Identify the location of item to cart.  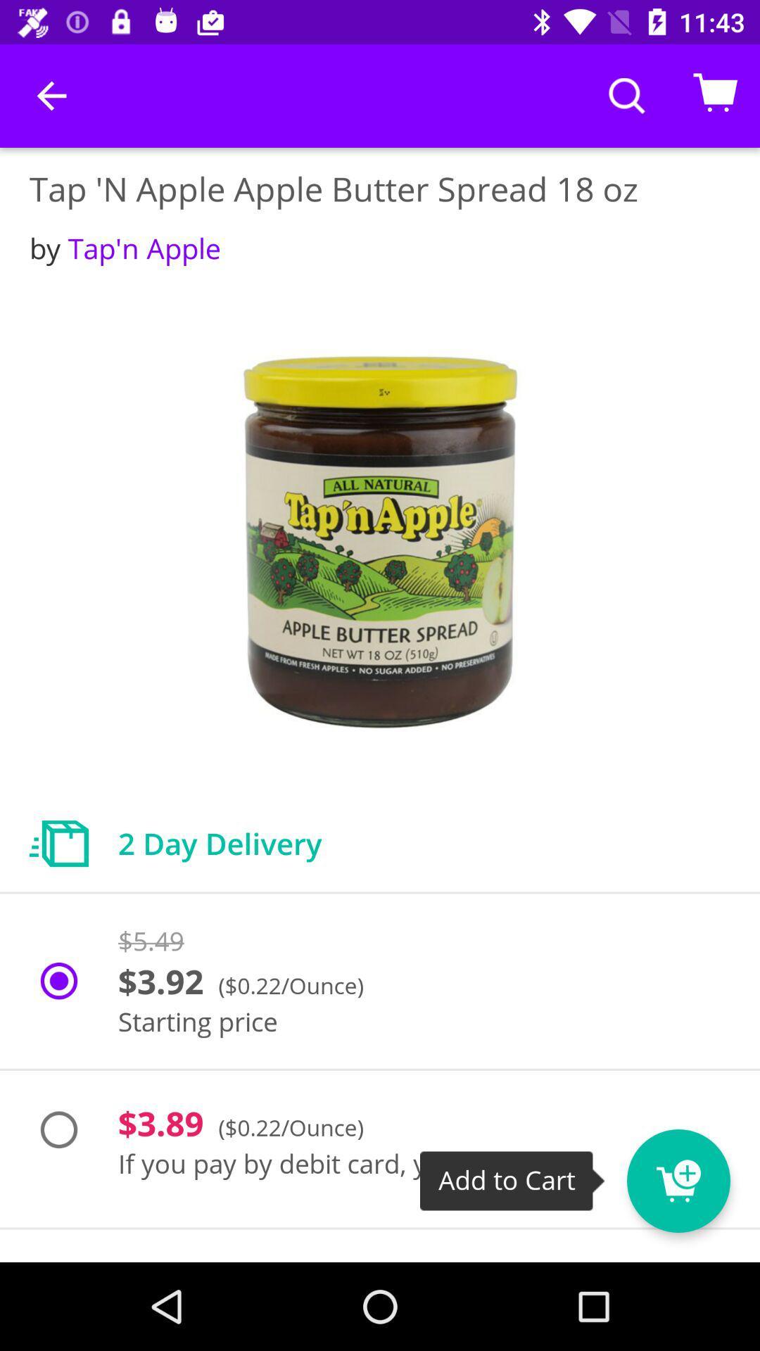
(704, 1172).